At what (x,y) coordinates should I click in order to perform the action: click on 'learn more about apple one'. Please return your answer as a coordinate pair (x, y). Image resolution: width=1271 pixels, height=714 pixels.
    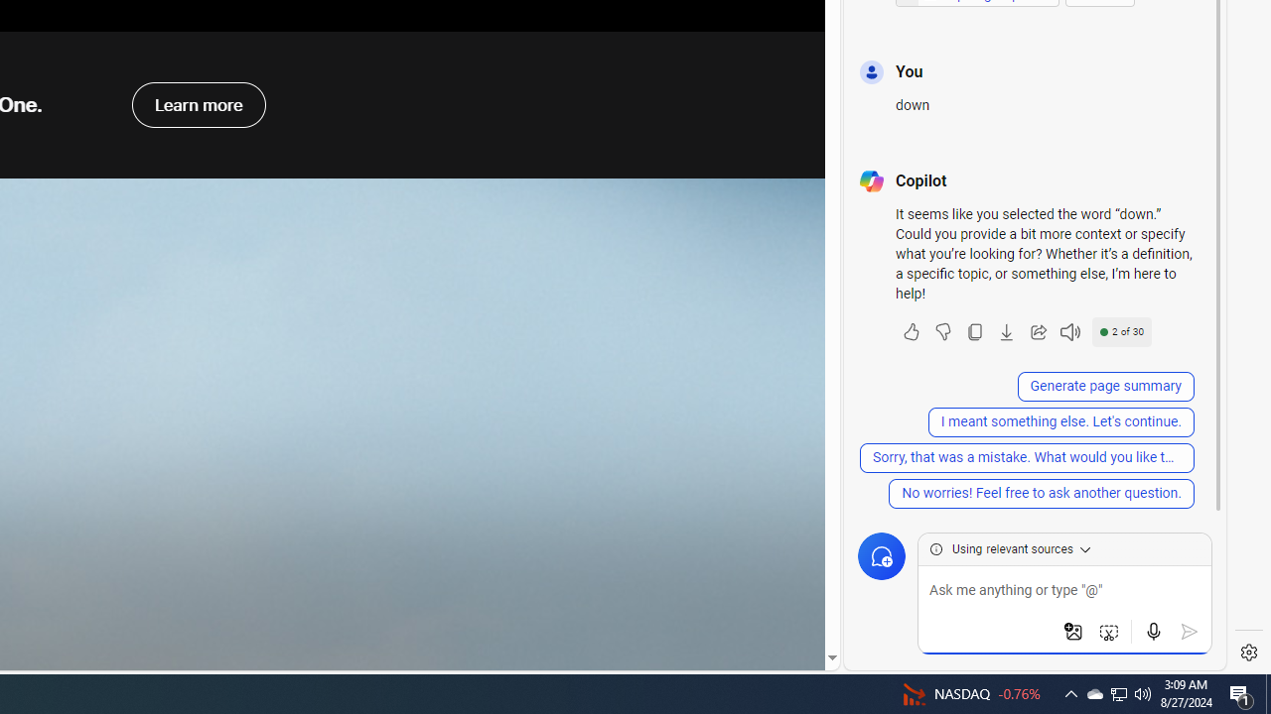
    Looking at the image, I should click on (198, 104).